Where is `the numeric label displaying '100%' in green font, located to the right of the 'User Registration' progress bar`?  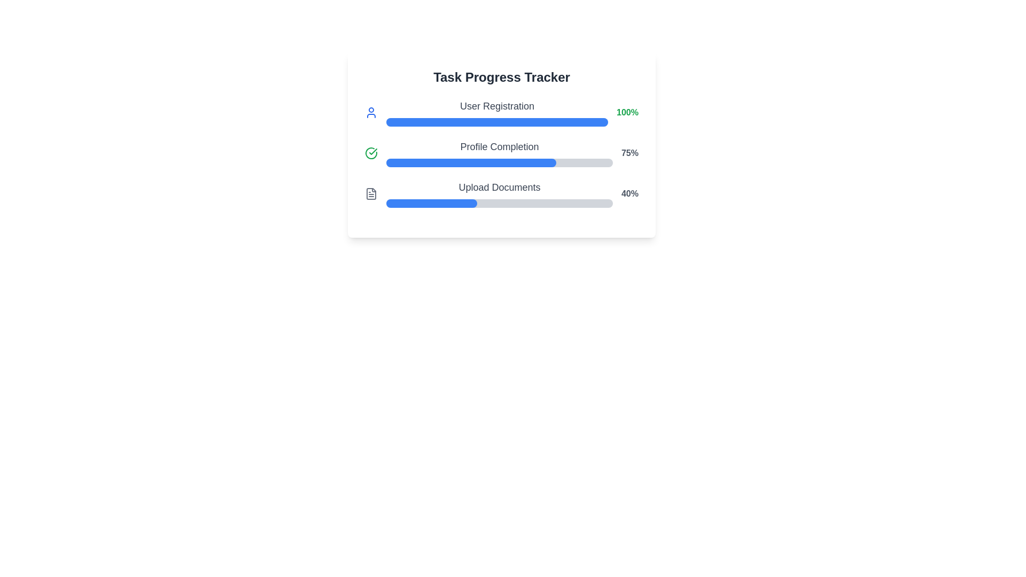
the numeric label displaying '100%' in green font, located to the right of the 'User Registration' progress bar is located at coordinates (627, 113).